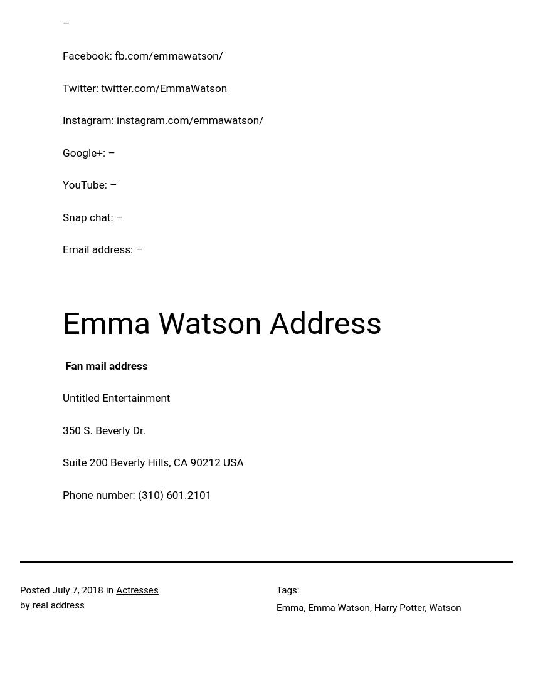 This screenshot has width=533, height=673. What do you see at coordinates (137, 590) in the screenshot?
I see `'Actresses'` at bounding box center [137, 590].